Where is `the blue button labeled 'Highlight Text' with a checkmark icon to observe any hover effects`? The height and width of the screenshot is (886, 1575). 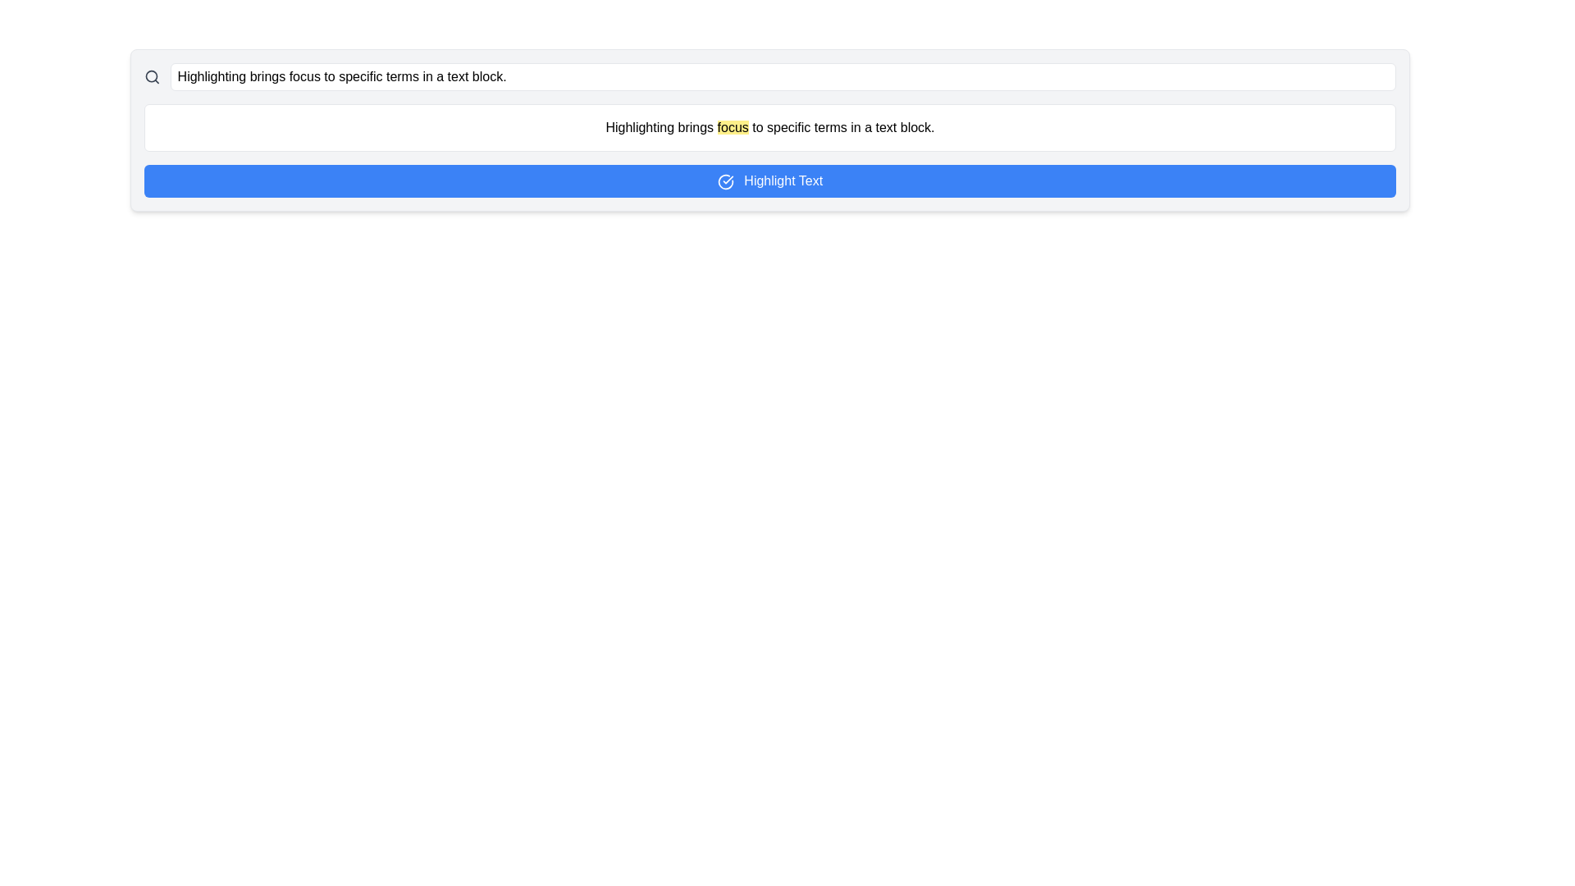
the blue button labeled 'Highlight Text' with a checkmark icon to observe any hover effects is located at coordinates (769, 180).